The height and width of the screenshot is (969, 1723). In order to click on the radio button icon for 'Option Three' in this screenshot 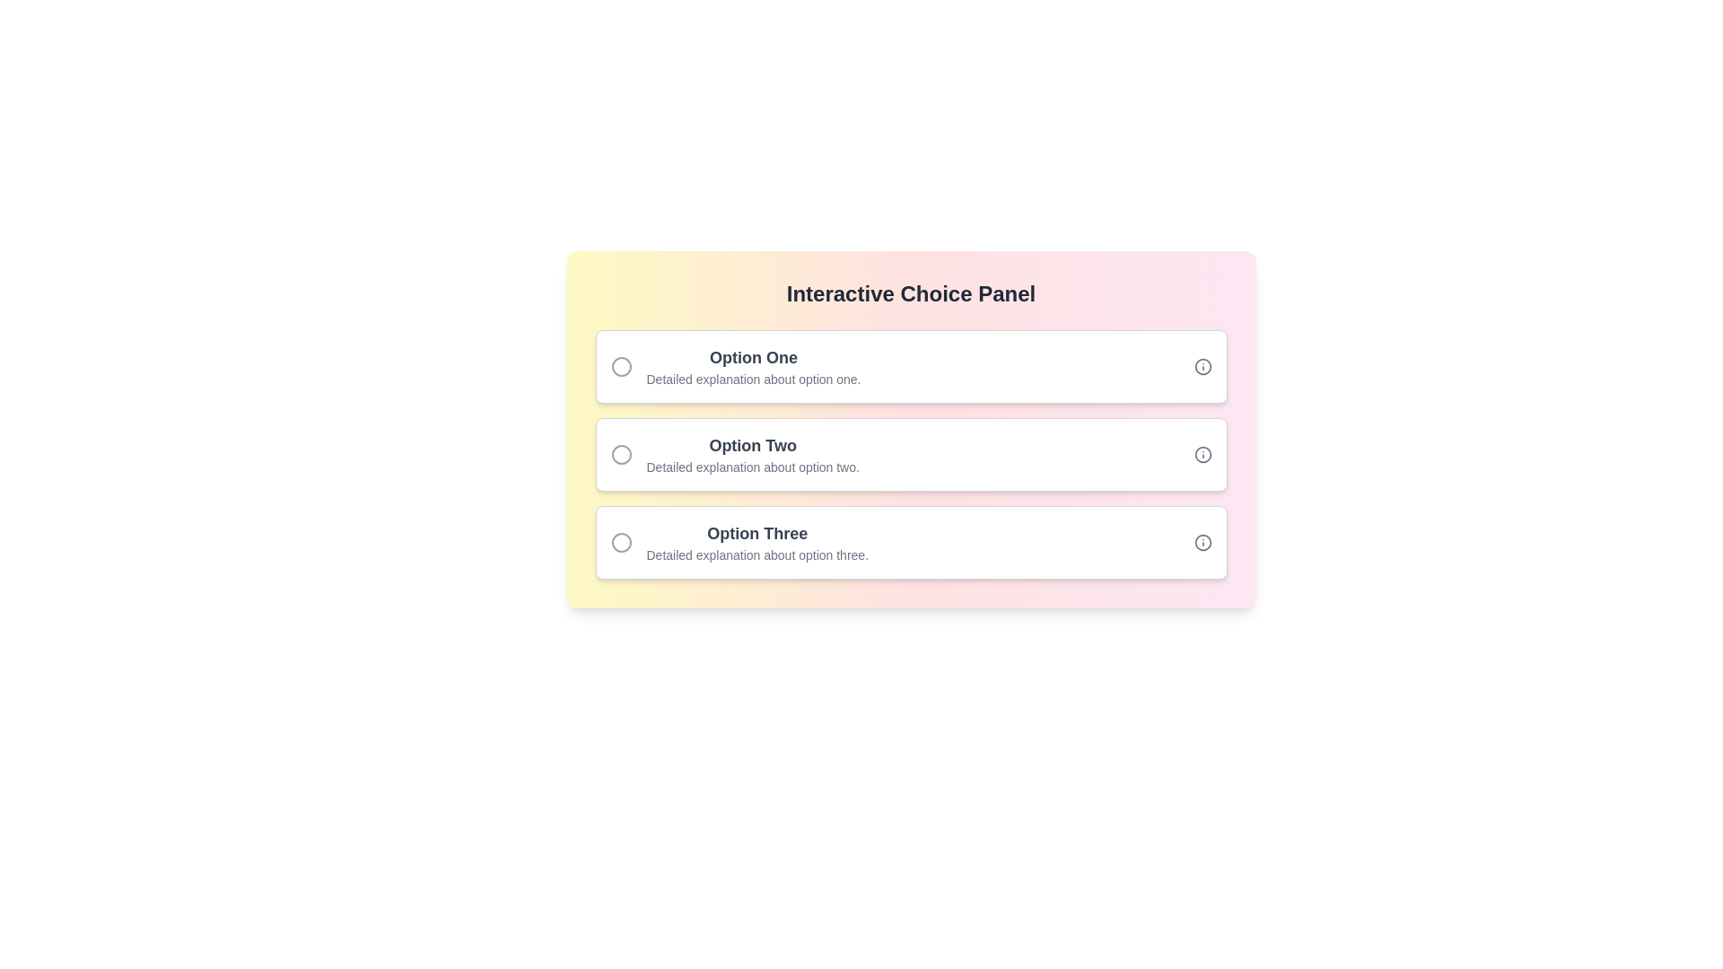, I will do `click(621, 542)`.